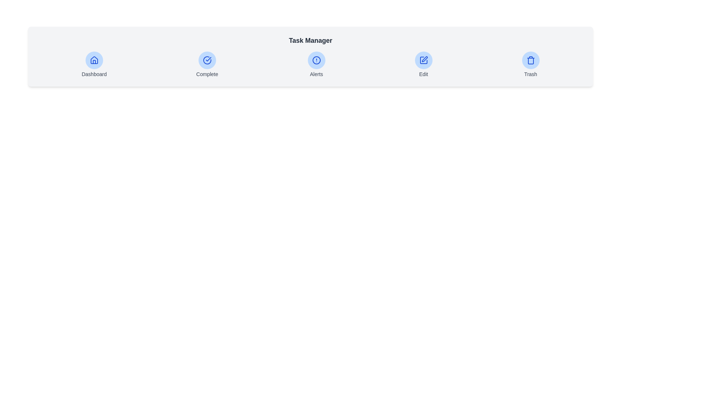 This screenshot has height=395, width=702. What do you see at coordinates (94, 60) in the screenshot?
I see `the 'Dashboard' icon, which is a minimalist blue house icon with a transparent interior located in the top navigation bar` at bounding box center [94, 60].